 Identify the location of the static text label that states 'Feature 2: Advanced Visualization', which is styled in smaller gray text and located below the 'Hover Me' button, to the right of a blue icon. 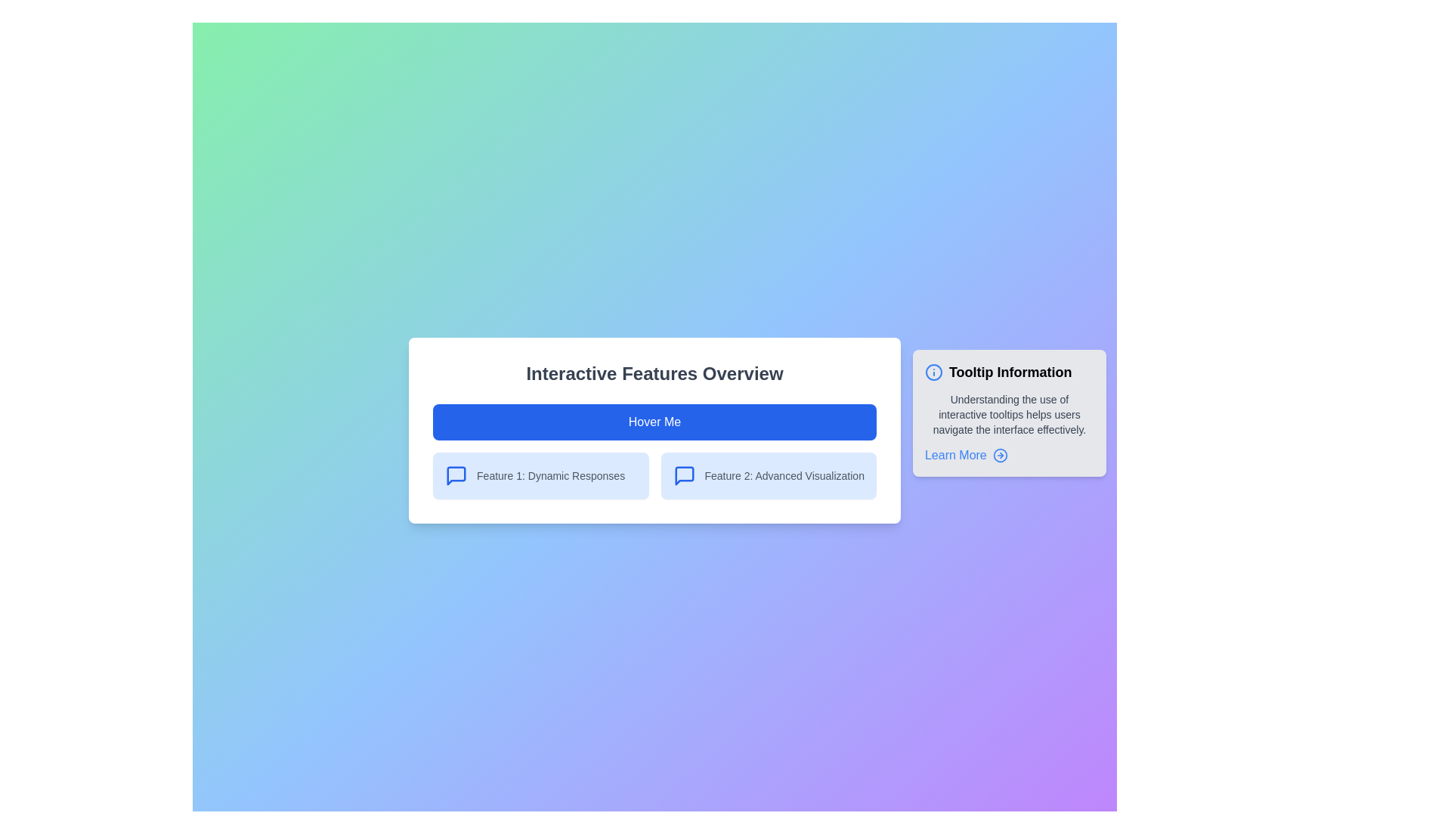
(784, 474).